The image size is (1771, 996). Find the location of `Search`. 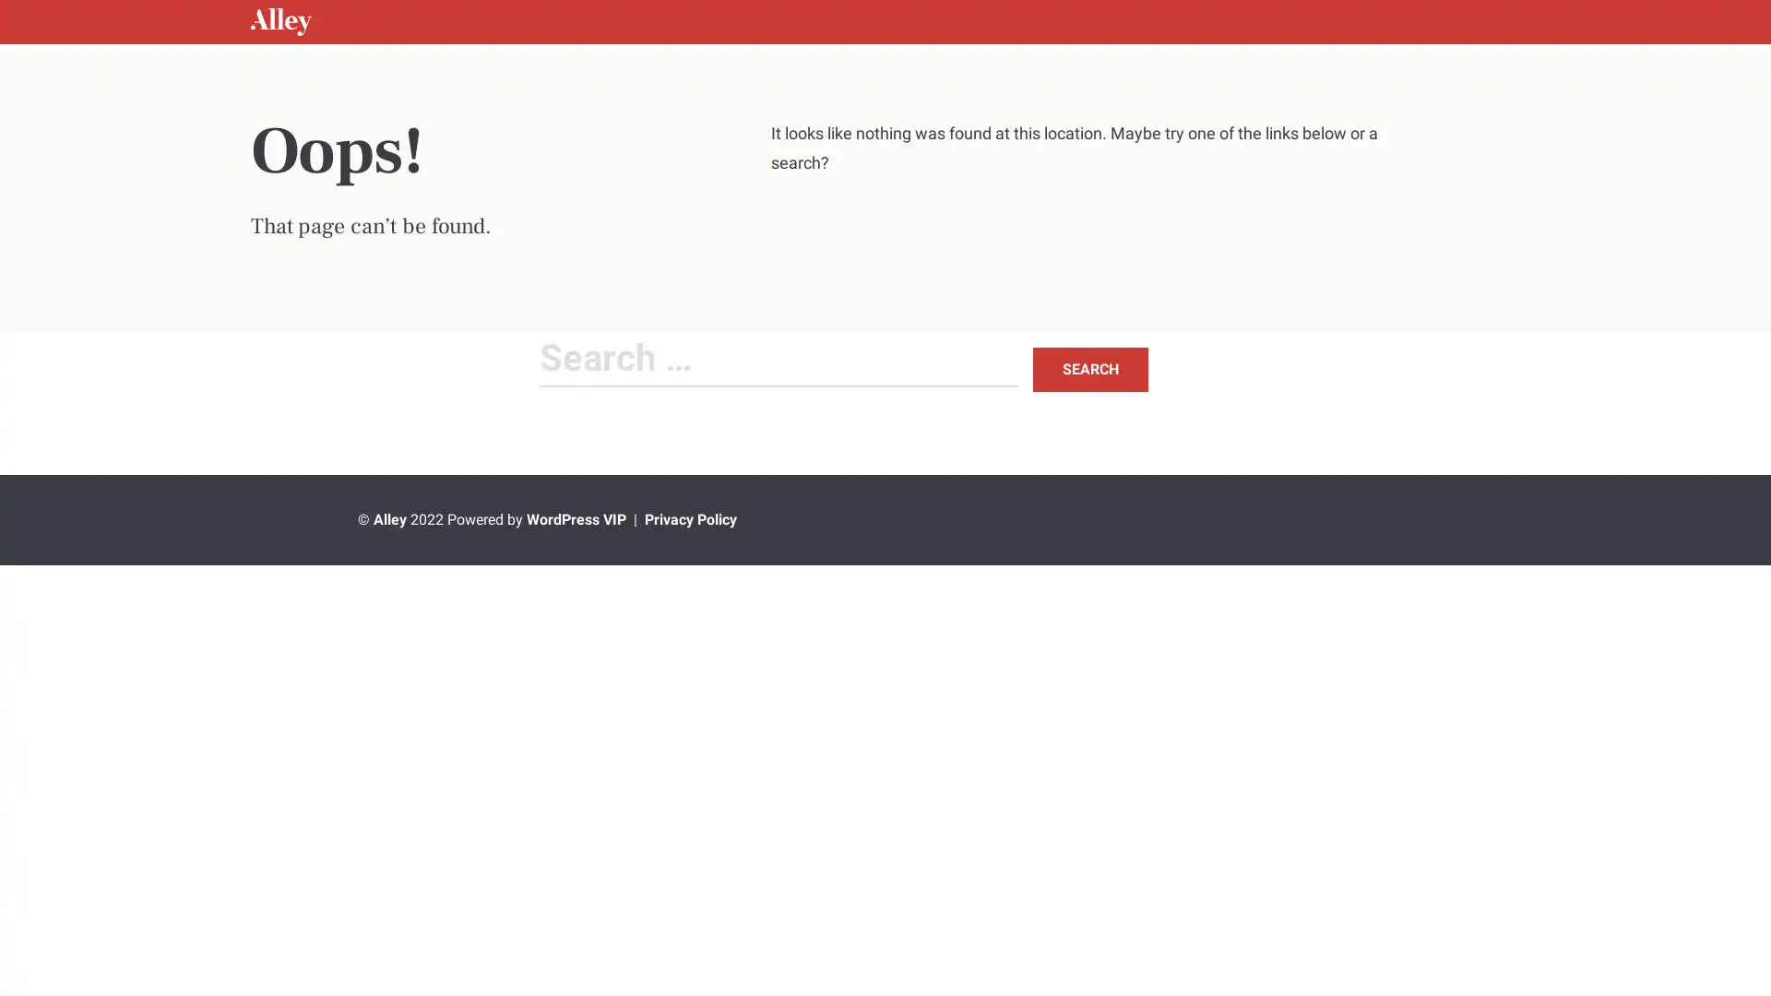

Search is located at coordinates (1090, 369).